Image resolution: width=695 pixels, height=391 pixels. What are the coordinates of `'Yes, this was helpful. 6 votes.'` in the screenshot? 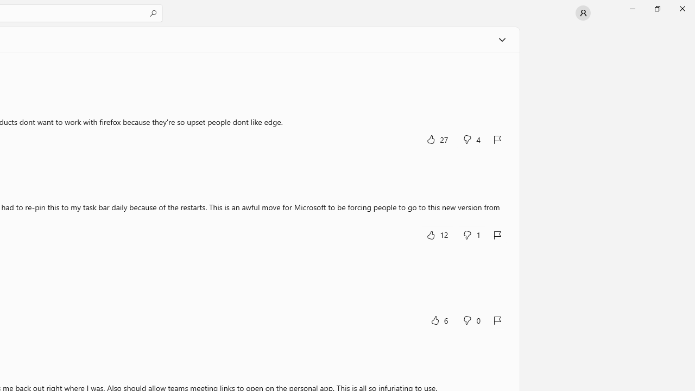 It's located at (439, 319).